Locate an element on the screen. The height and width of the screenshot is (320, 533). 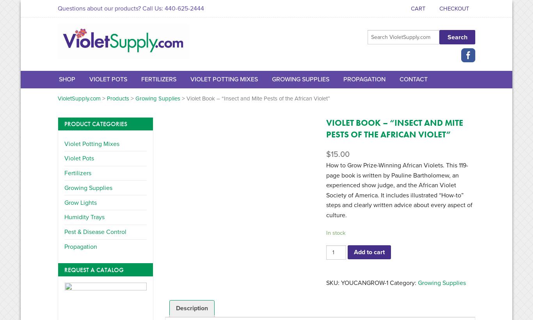
'15.00' is located at coordinates (330, 155).